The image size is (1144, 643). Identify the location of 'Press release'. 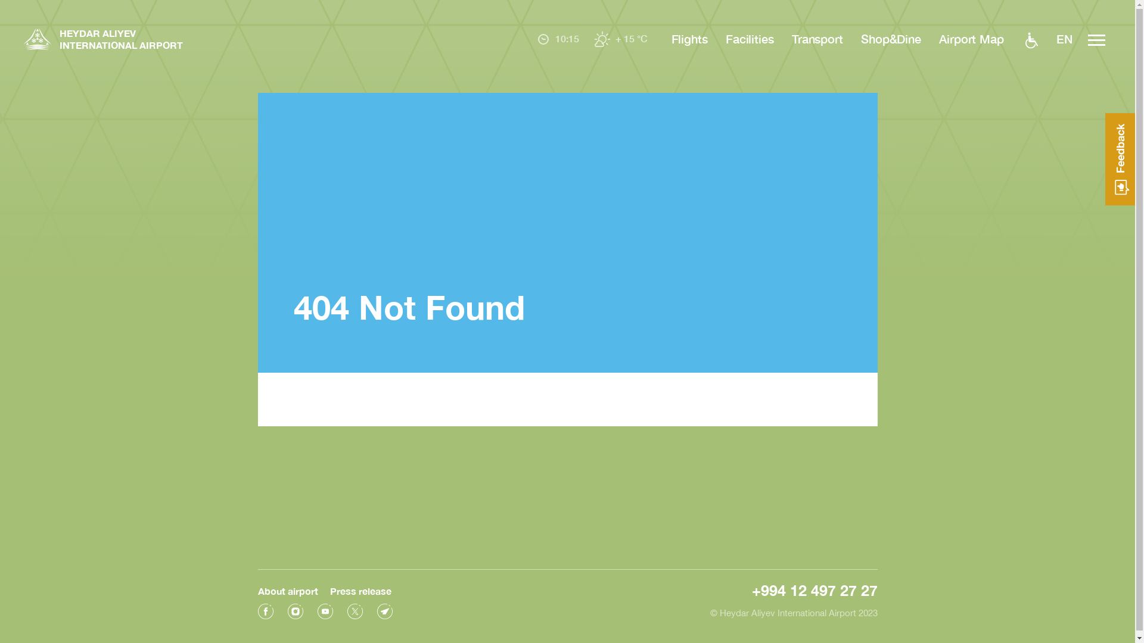
(360, 591).